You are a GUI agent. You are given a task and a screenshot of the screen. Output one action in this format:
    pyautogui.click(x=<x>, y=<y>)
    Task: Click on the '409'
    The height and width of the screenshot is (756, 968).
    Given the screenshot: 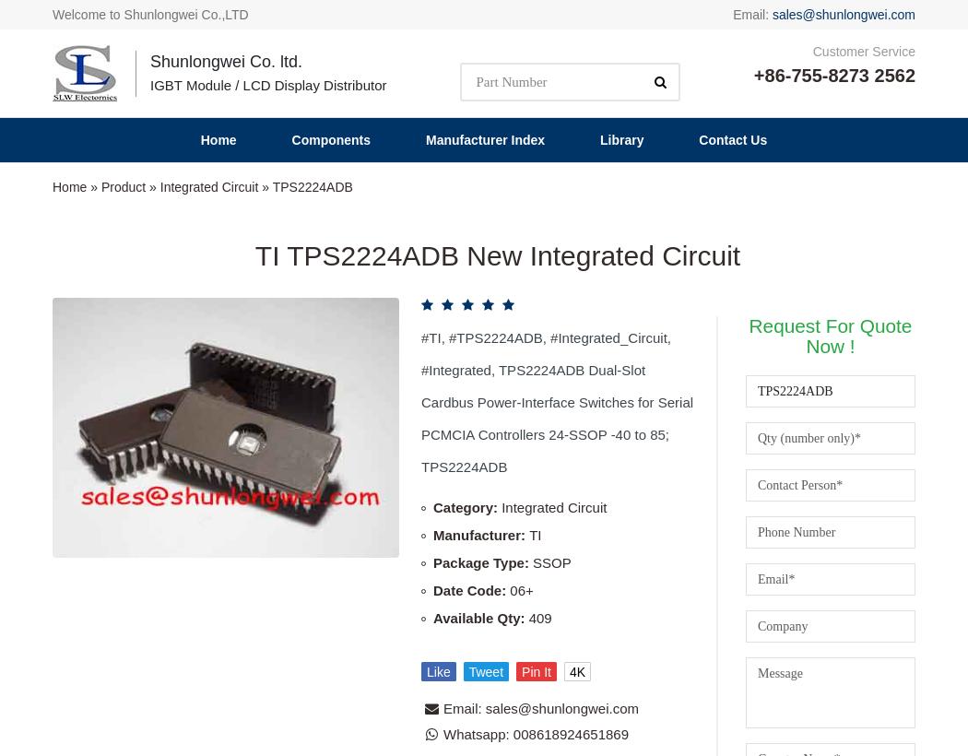 What is the action you would take?
    pyautogui.click(x=538, y=221)
    